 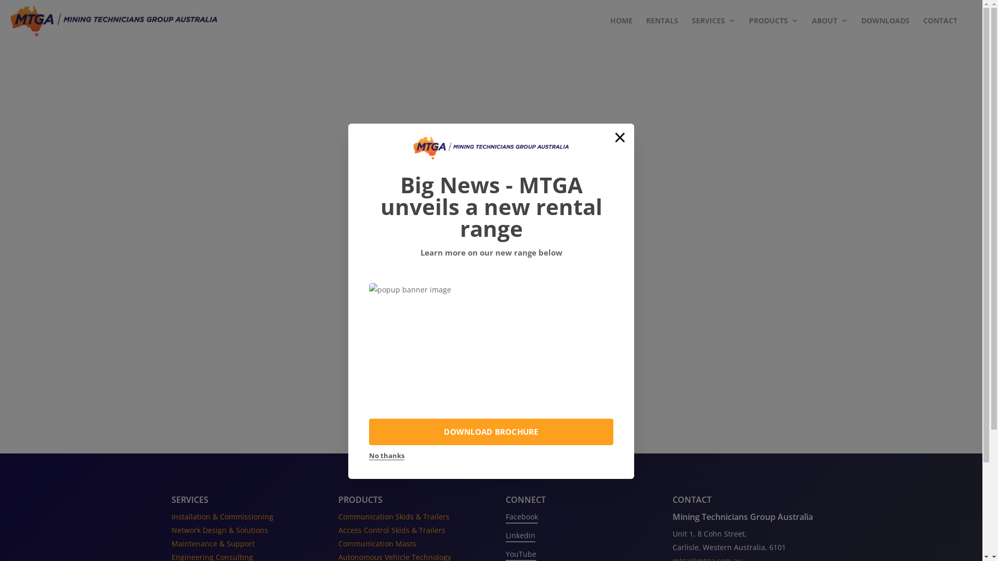 What do you see at coordinates (829, 20) in the screenshot?
I see `'ABOUT'` at bounding box center [829, 20].